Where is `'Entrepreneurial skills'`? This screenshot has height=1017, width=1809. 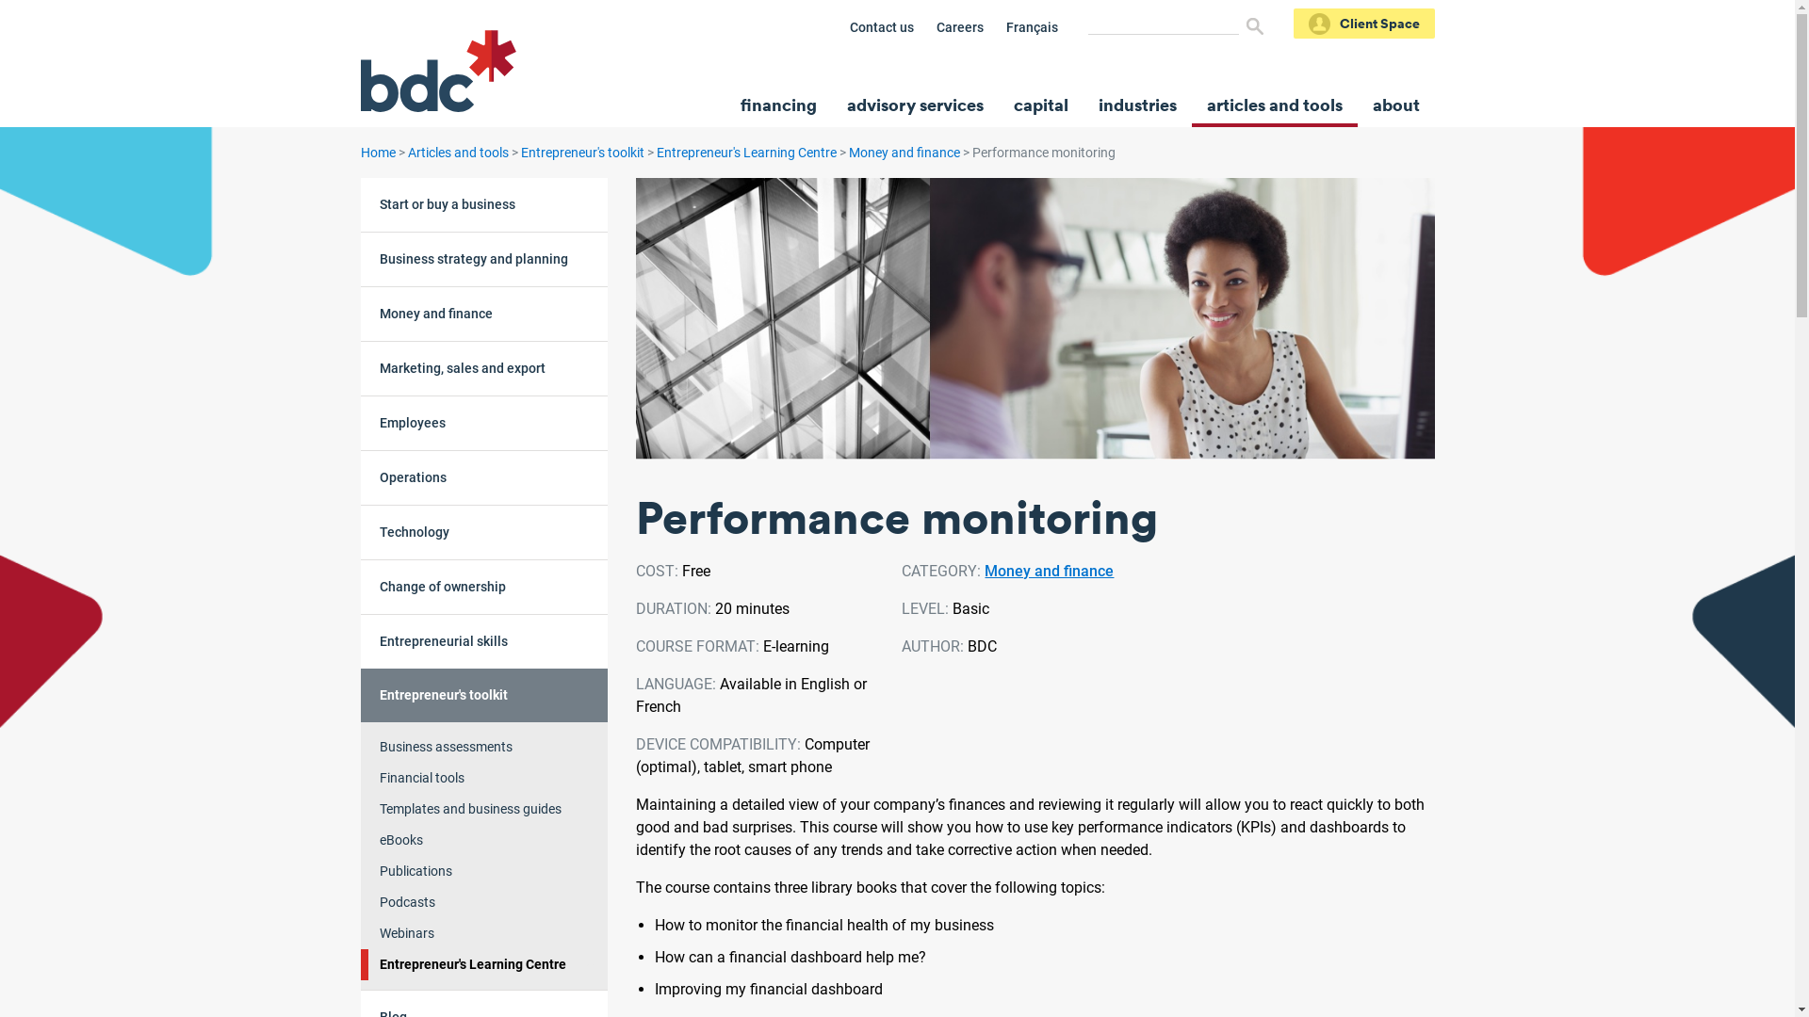 'Entrepreneurial skills' is located at coordinates (483, 640).